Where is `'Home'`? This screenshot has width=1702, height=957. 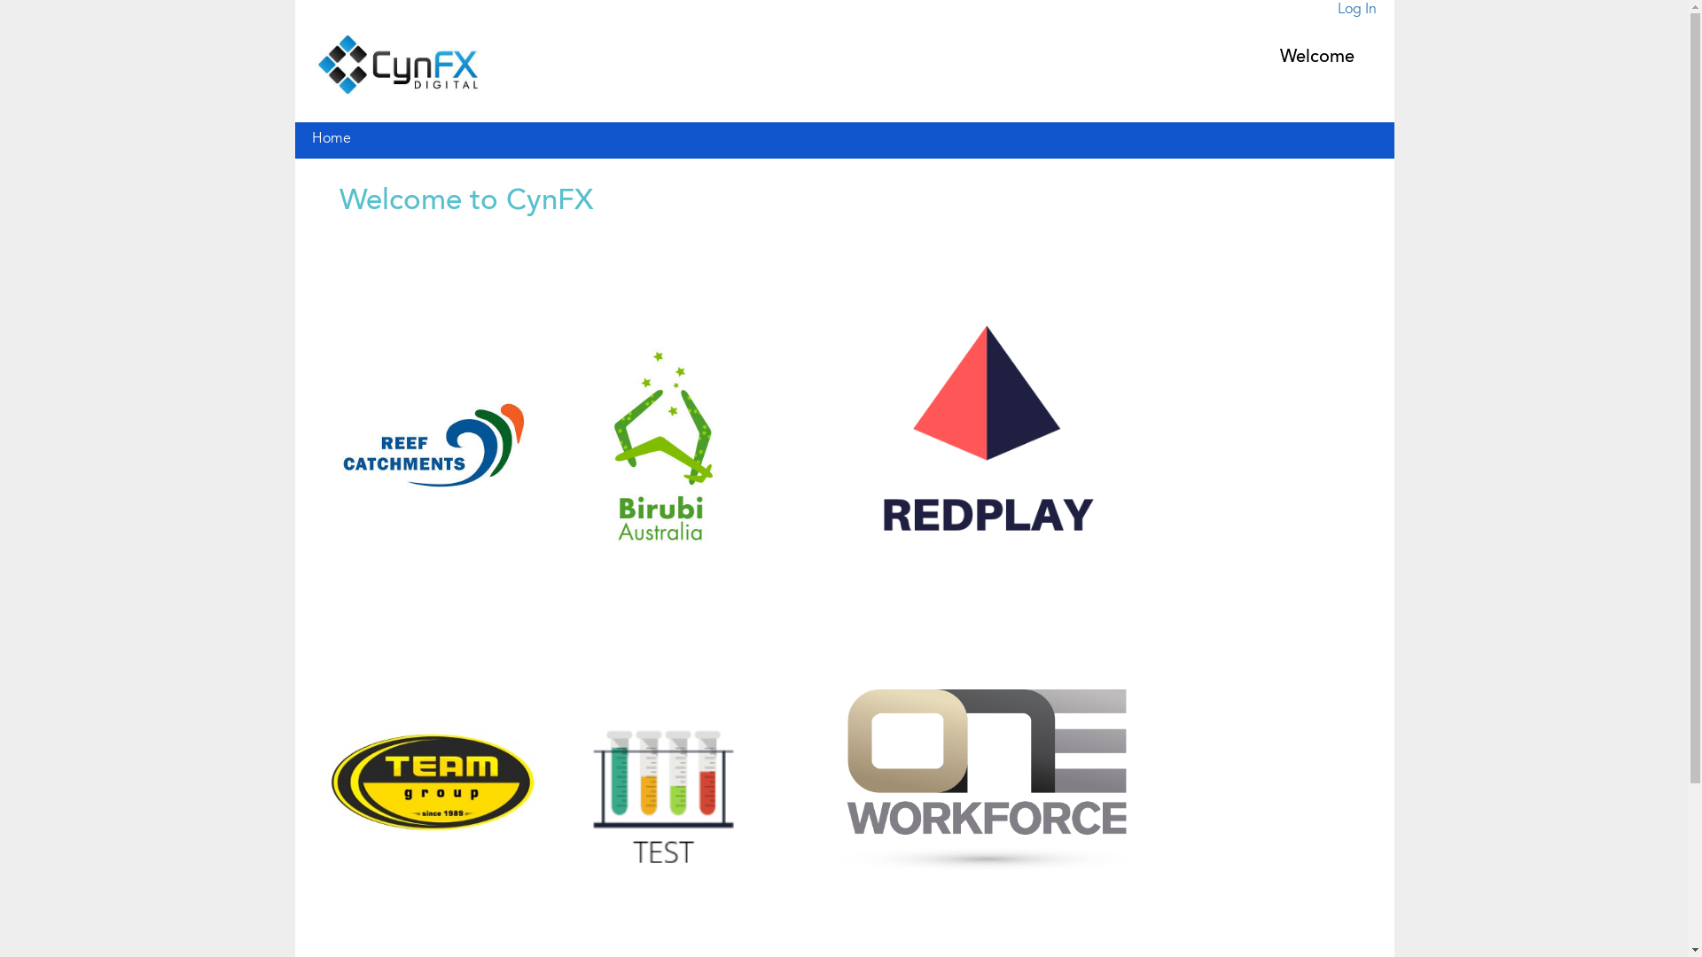
'Home' is located at coordinates (311, 138).